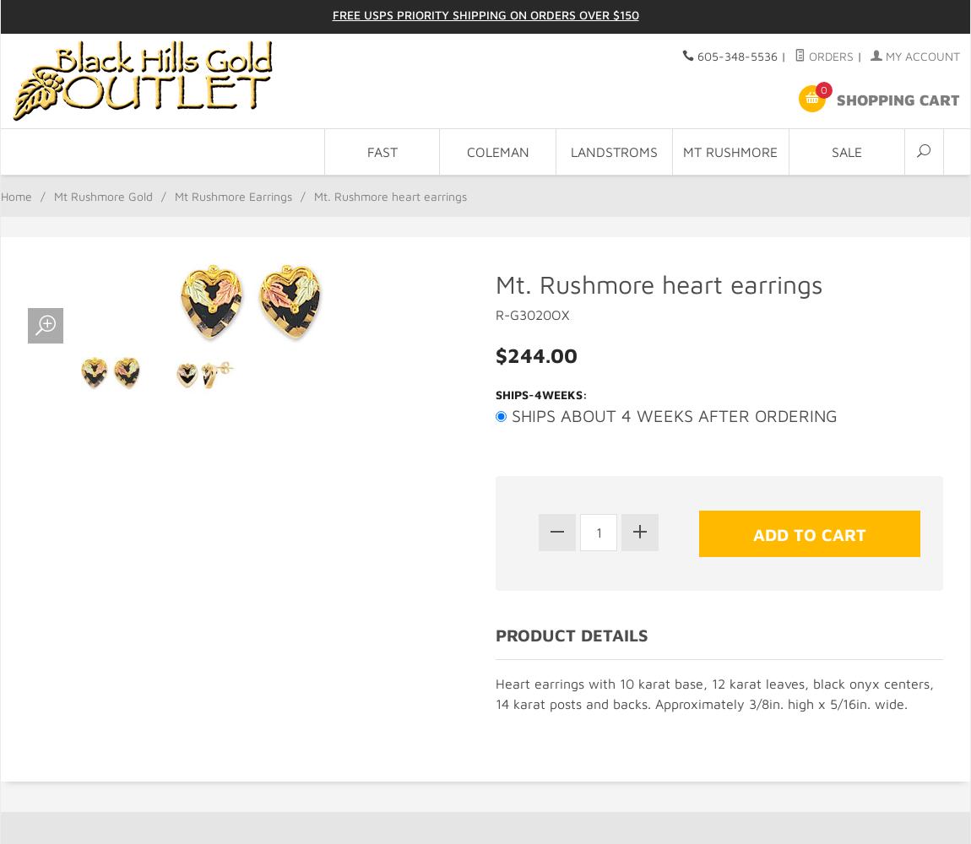 This screenshot has width=971, height=844. I want to click on 'Mt Rushmore Gold', so click(102, 195).